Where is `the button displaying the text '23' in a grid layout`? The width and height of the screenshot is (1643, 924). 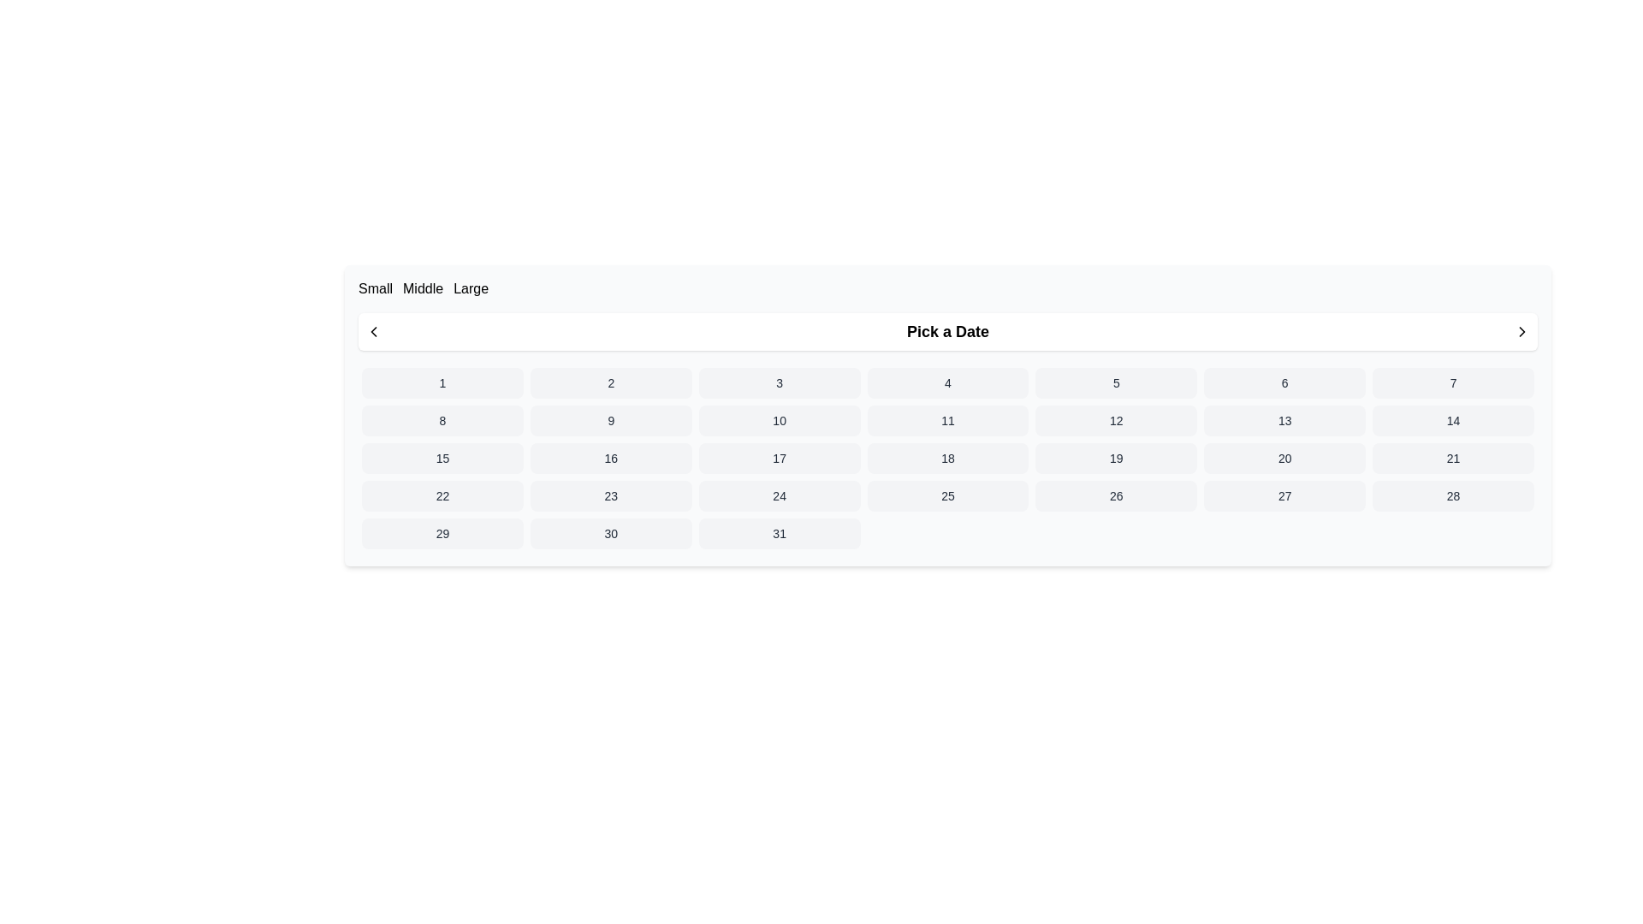 the button displaying the text '23' in a grid layout is located at coordinates (611, 495).